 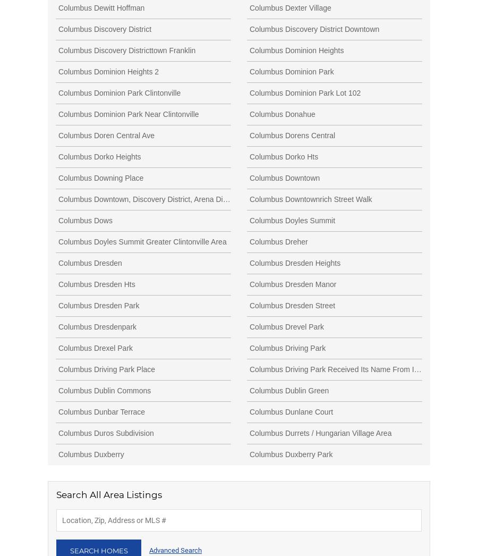 I want to click on 'Advanced Search', so click(x=175, y=550).